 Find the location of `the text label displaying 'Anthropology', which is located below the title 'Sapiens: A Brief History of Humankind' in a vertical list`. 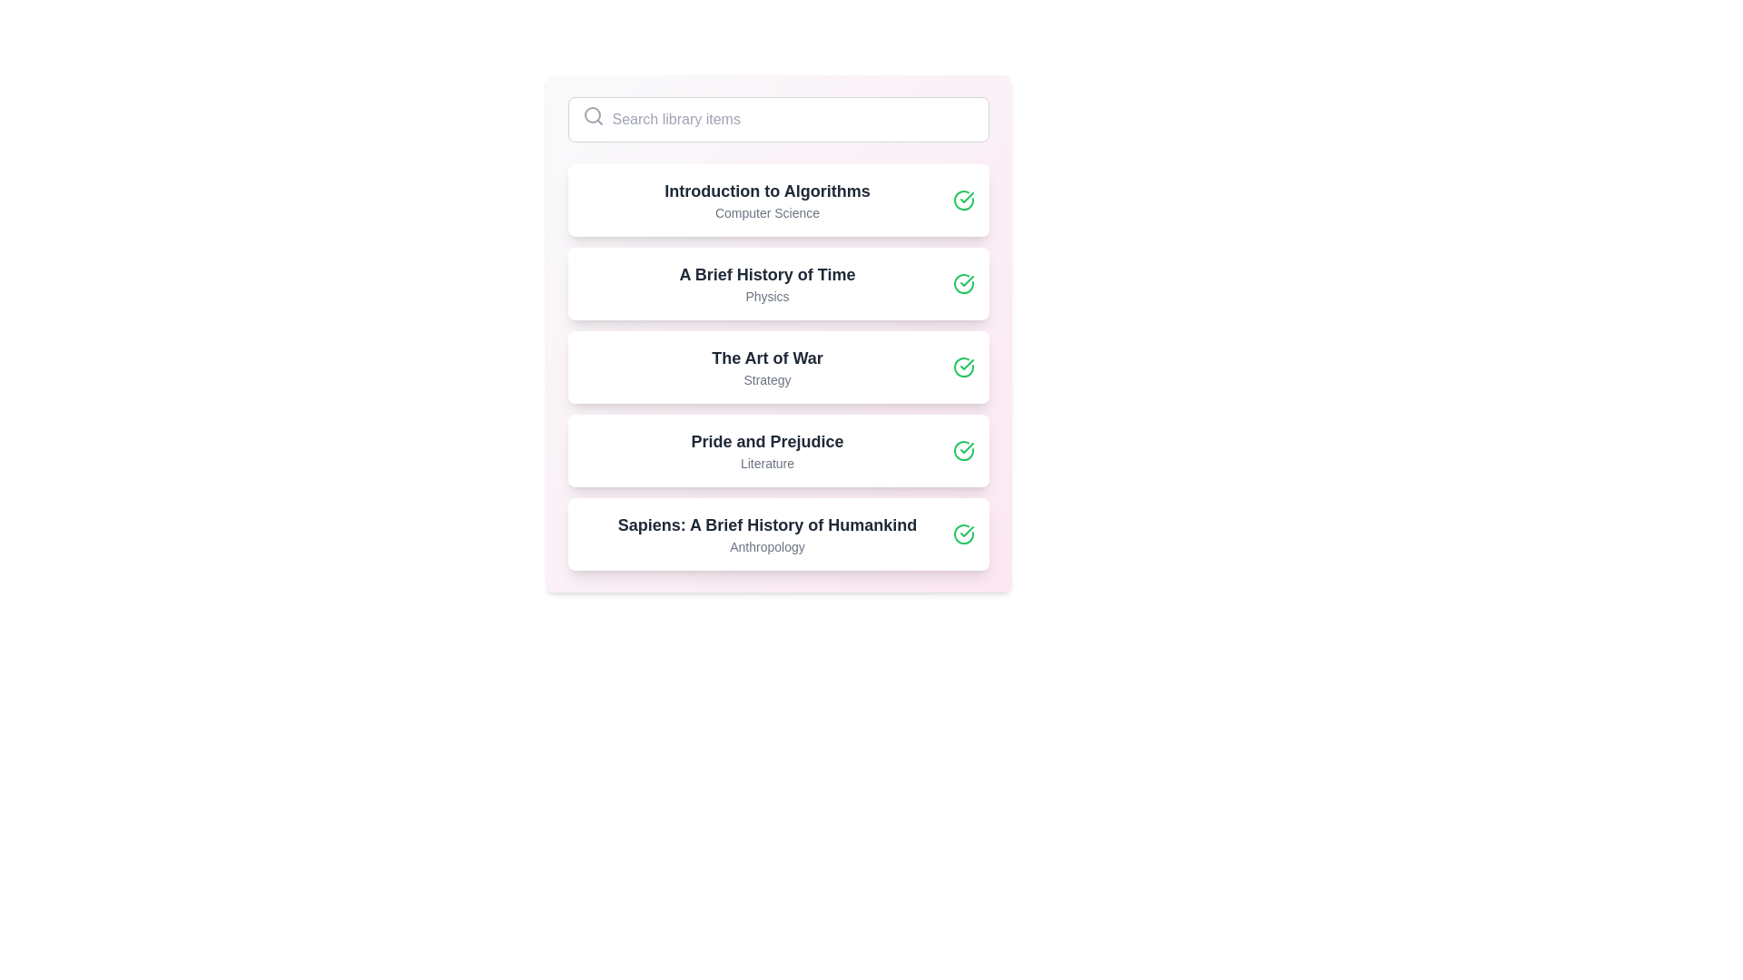

the text label displaying 'Anthropology', which is located below the title 'Sapiens: A Brief History of Humankind' in a vertical list is located at coordinates (767, 545).